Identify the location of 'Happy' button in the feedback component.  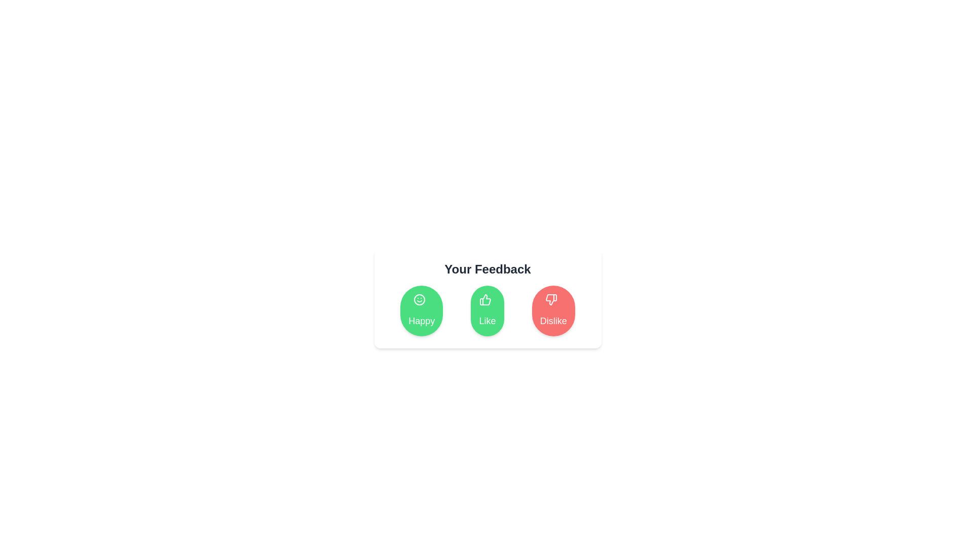
(422, 310).